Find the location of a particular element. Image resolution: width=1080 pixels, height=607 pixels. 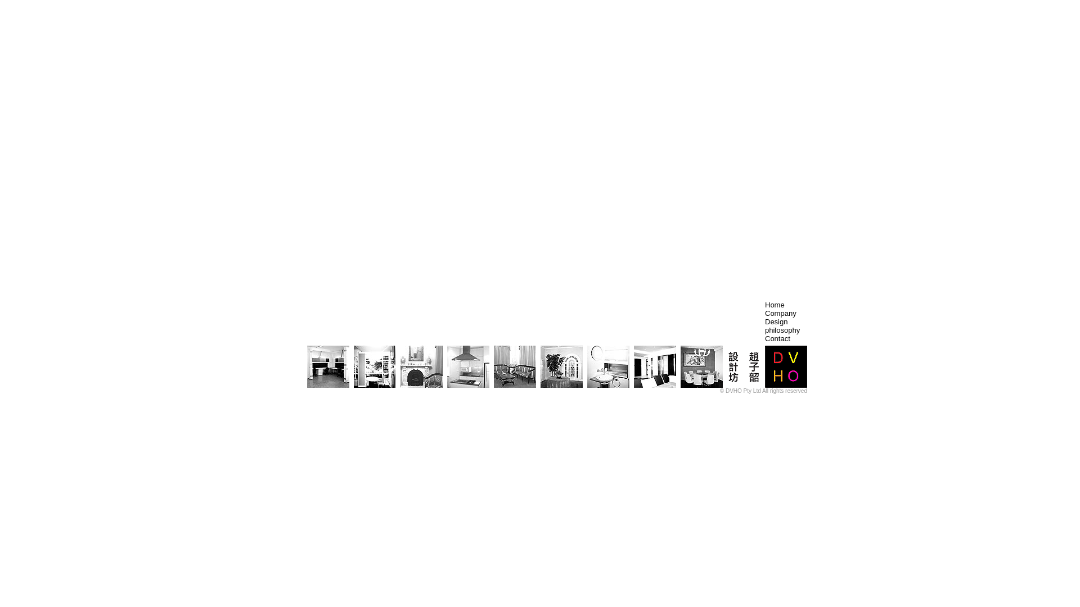

'Design is located at coordinates (782, 325).